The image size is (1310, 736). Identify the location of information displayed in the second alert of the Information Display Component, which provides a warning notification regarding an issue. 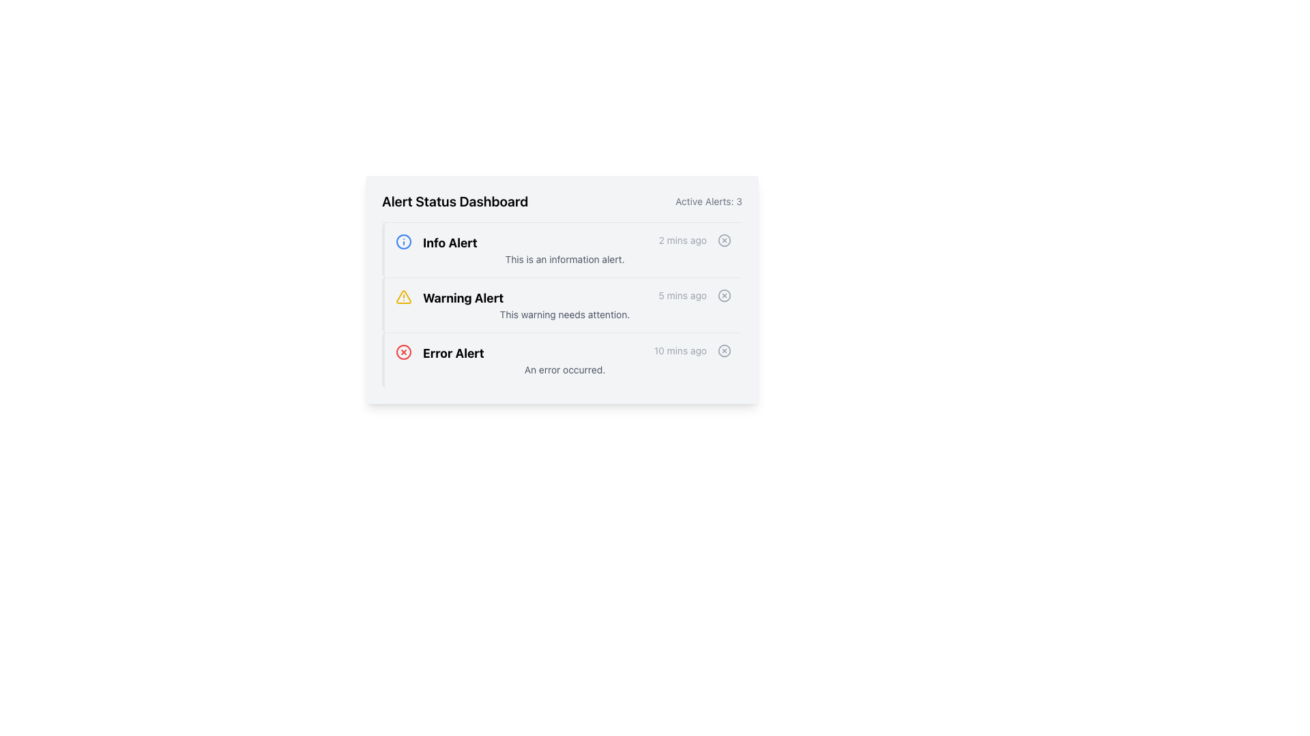
(565, 304).